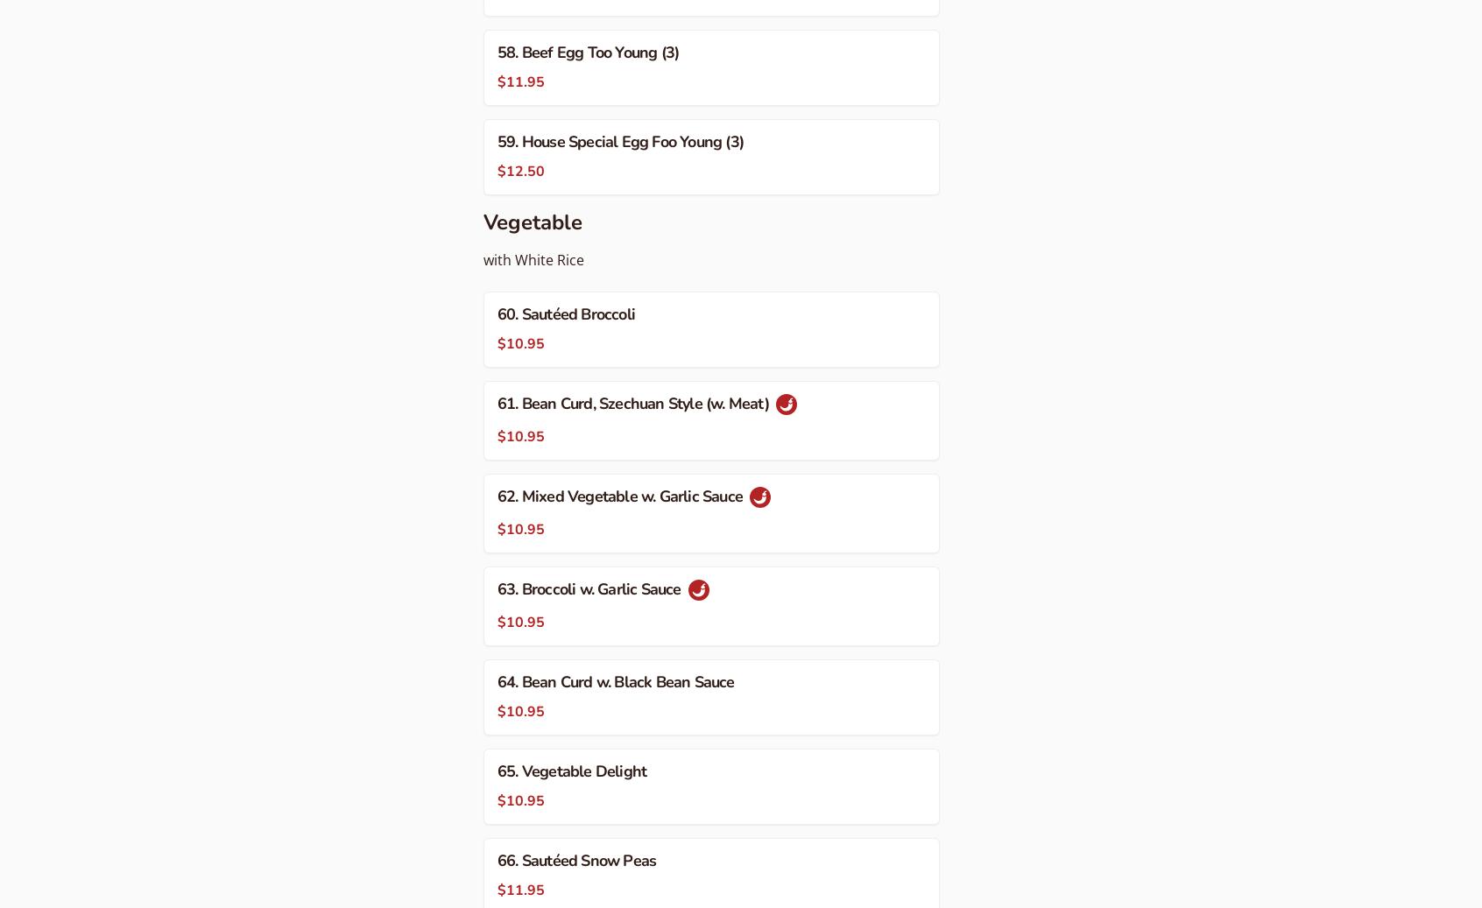 The image size is (1482, 908). Describe the element at coordinates (616, 681) in the screenshot. I see `'64. Bean Curd w. Black Bean Sauce'` at that location.